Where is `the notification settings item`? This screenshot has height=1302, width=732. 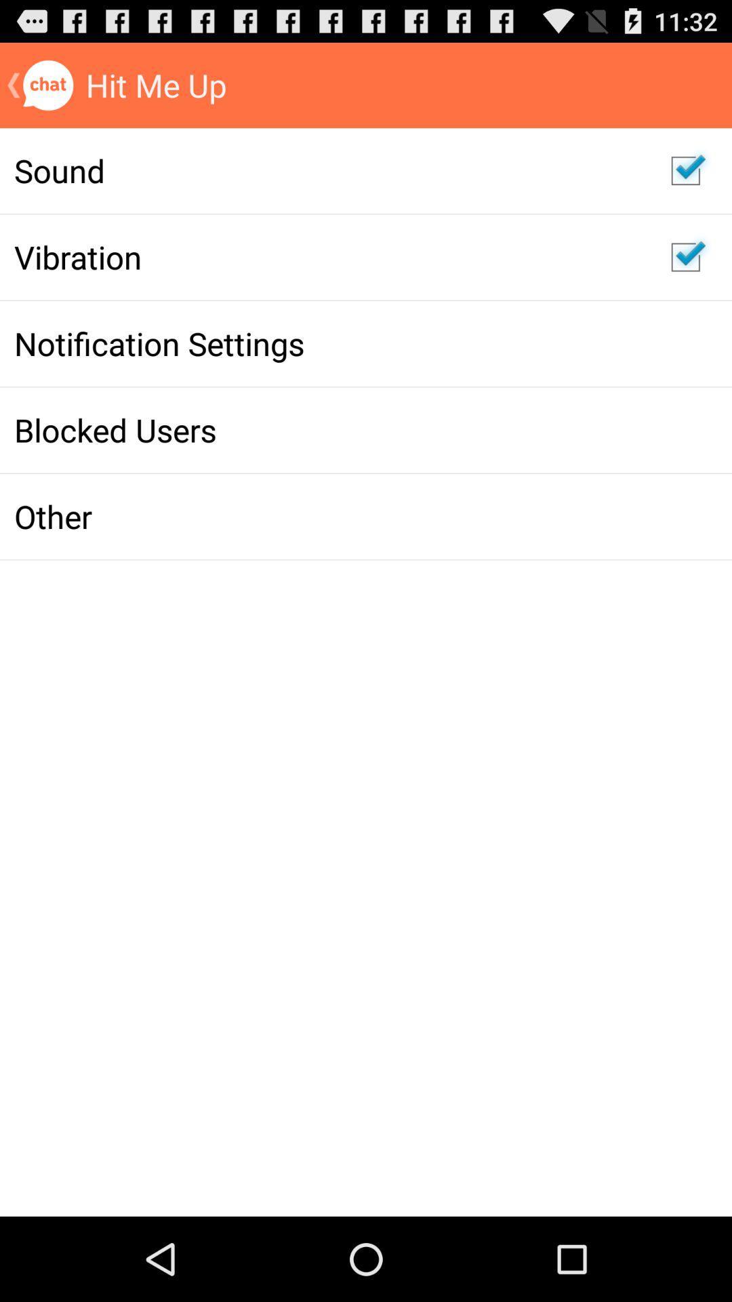
the notification settings item is located at coordinates (328, 343).